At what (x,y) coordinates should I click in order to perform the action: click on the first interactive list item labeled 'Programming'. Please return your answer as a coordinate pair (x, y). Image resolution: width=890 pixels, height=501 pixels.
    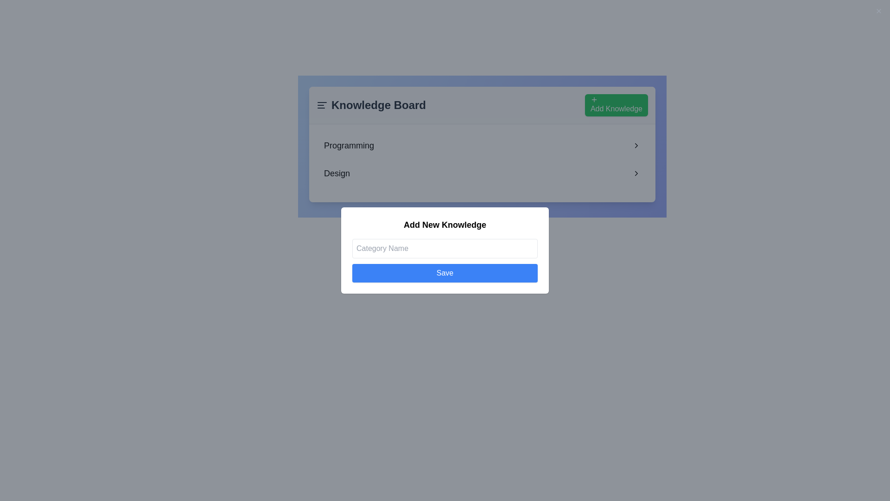
    Looking at the image, I should click on (482, 145).